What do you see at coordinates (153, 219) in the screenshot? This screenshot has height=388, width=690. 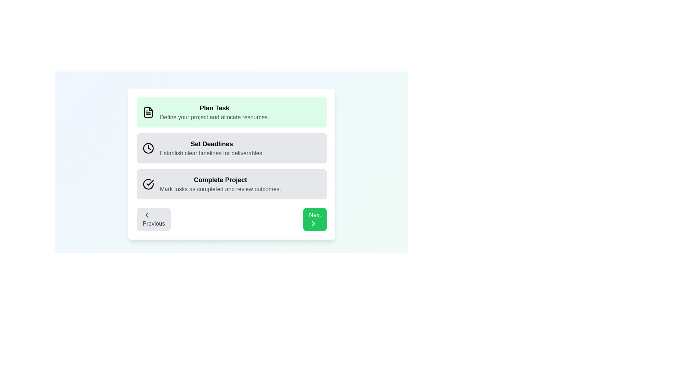 I see `the Previous button to navigate through the steps` at bounding box center [153, 219].